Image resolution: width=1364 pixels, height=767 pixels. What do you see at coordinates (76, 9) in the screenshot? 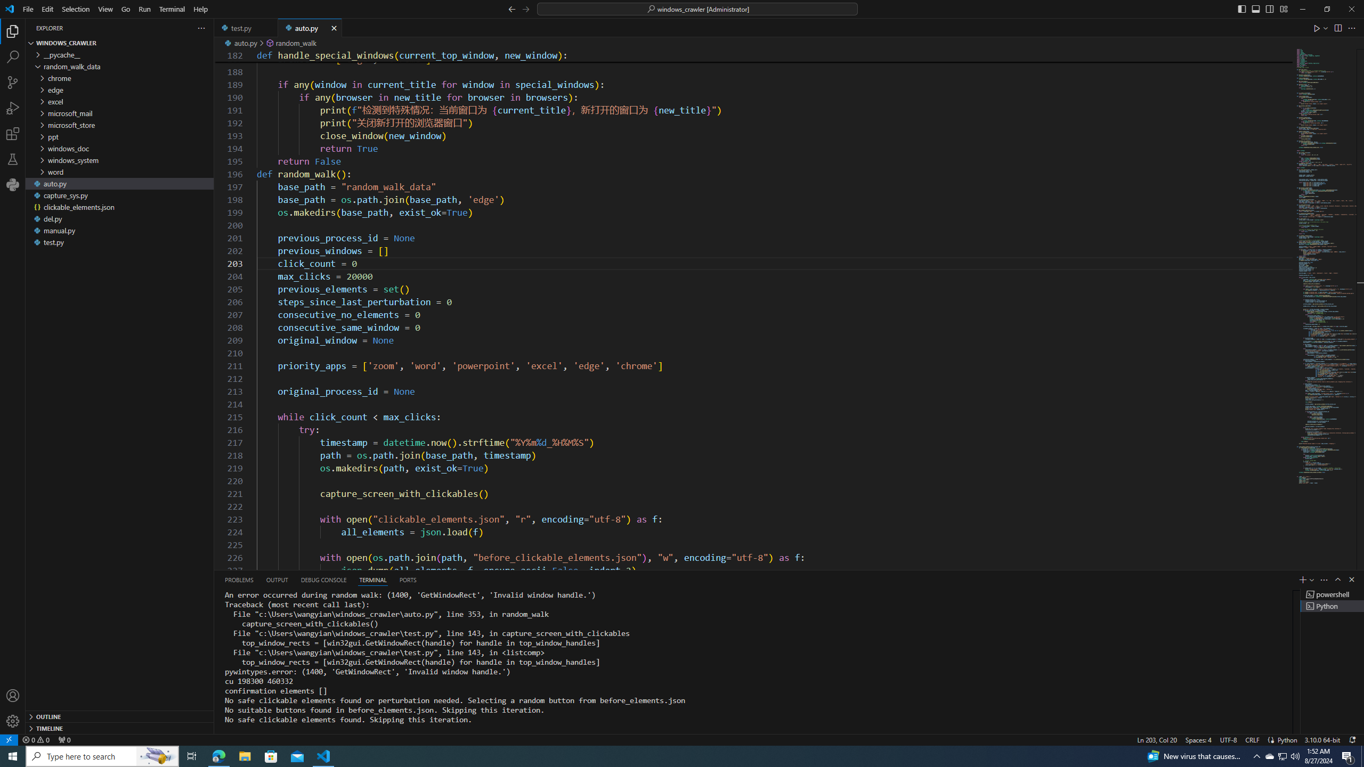
I see `'Selection'` at bounding box center [76, 9].